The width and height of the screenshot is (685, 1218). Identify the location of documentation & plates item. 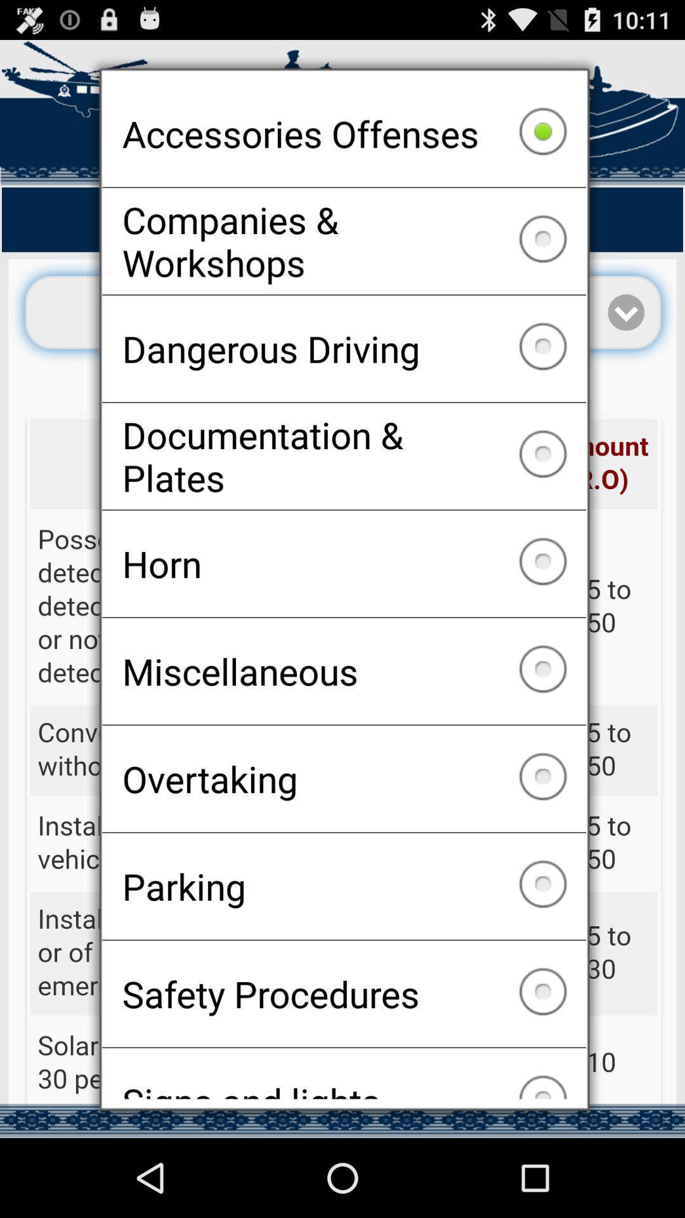
(344, 456).